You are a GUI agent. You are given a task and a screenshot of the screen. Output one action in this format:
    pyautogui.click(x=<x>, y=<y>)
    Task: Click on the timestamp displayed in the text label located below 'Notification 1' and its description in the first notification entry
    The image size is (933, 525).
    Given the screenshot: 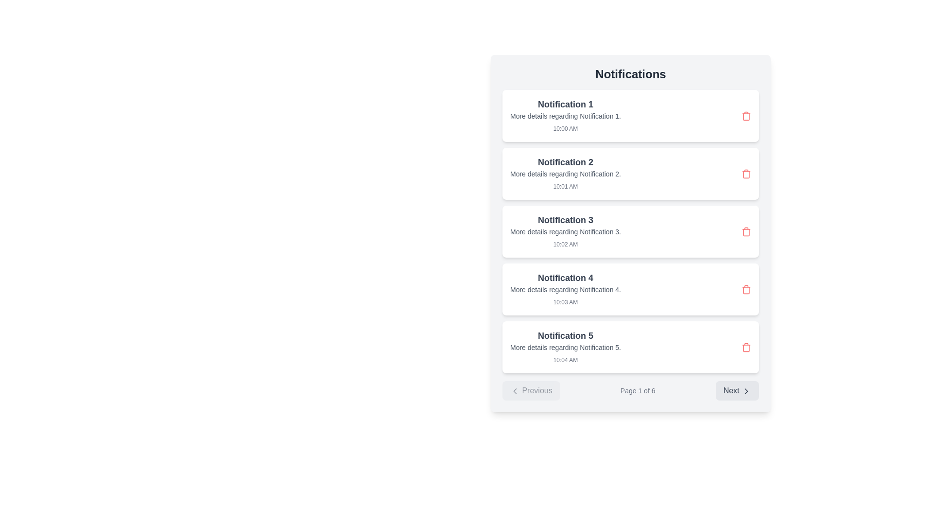 What is the action you would take?
    pyautogui.click(x=566, y=128)
    